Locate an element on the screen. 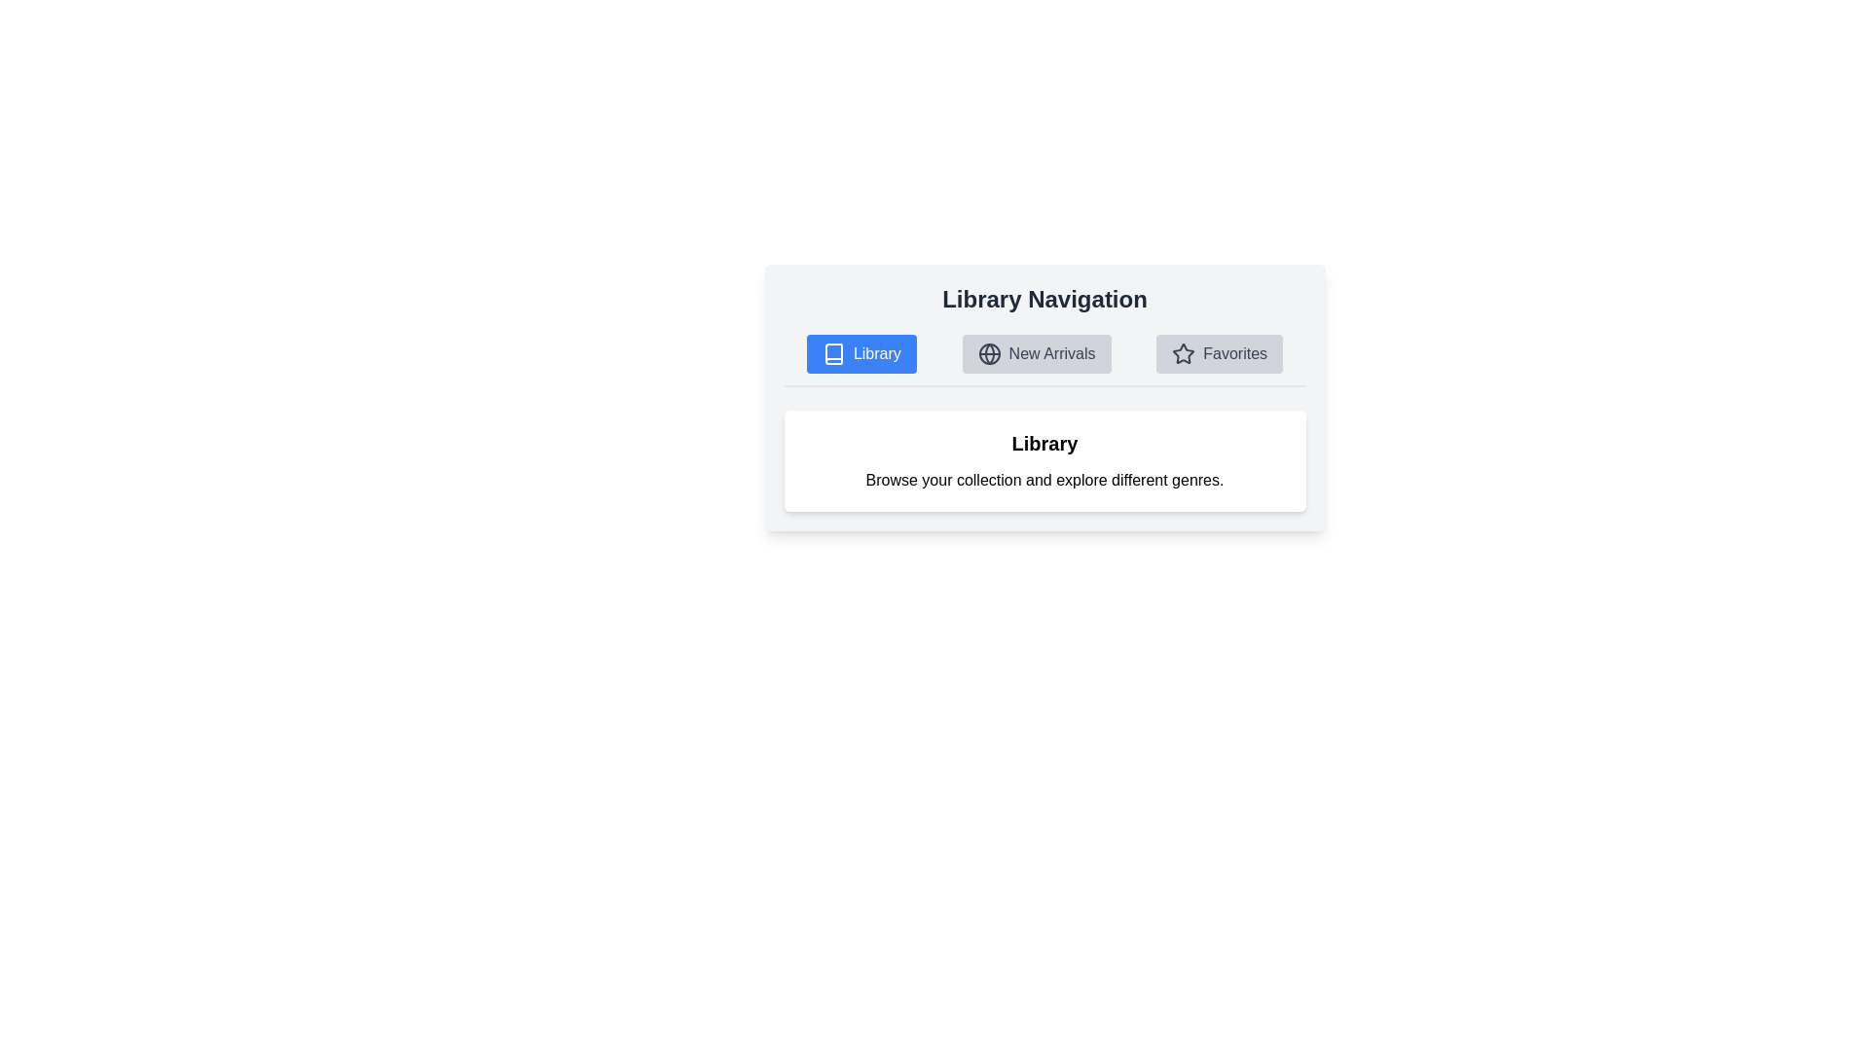 Image resolution: width=1869 pixels, height=1051 pixels. the tab labeled New Arrivals to display its content is located at coordinates (1036, 353).